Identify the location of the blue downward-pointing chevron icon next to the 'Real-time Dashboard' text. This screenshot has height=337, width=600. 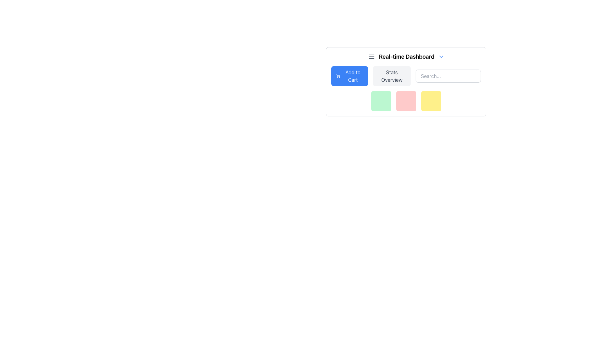
(441, 56).